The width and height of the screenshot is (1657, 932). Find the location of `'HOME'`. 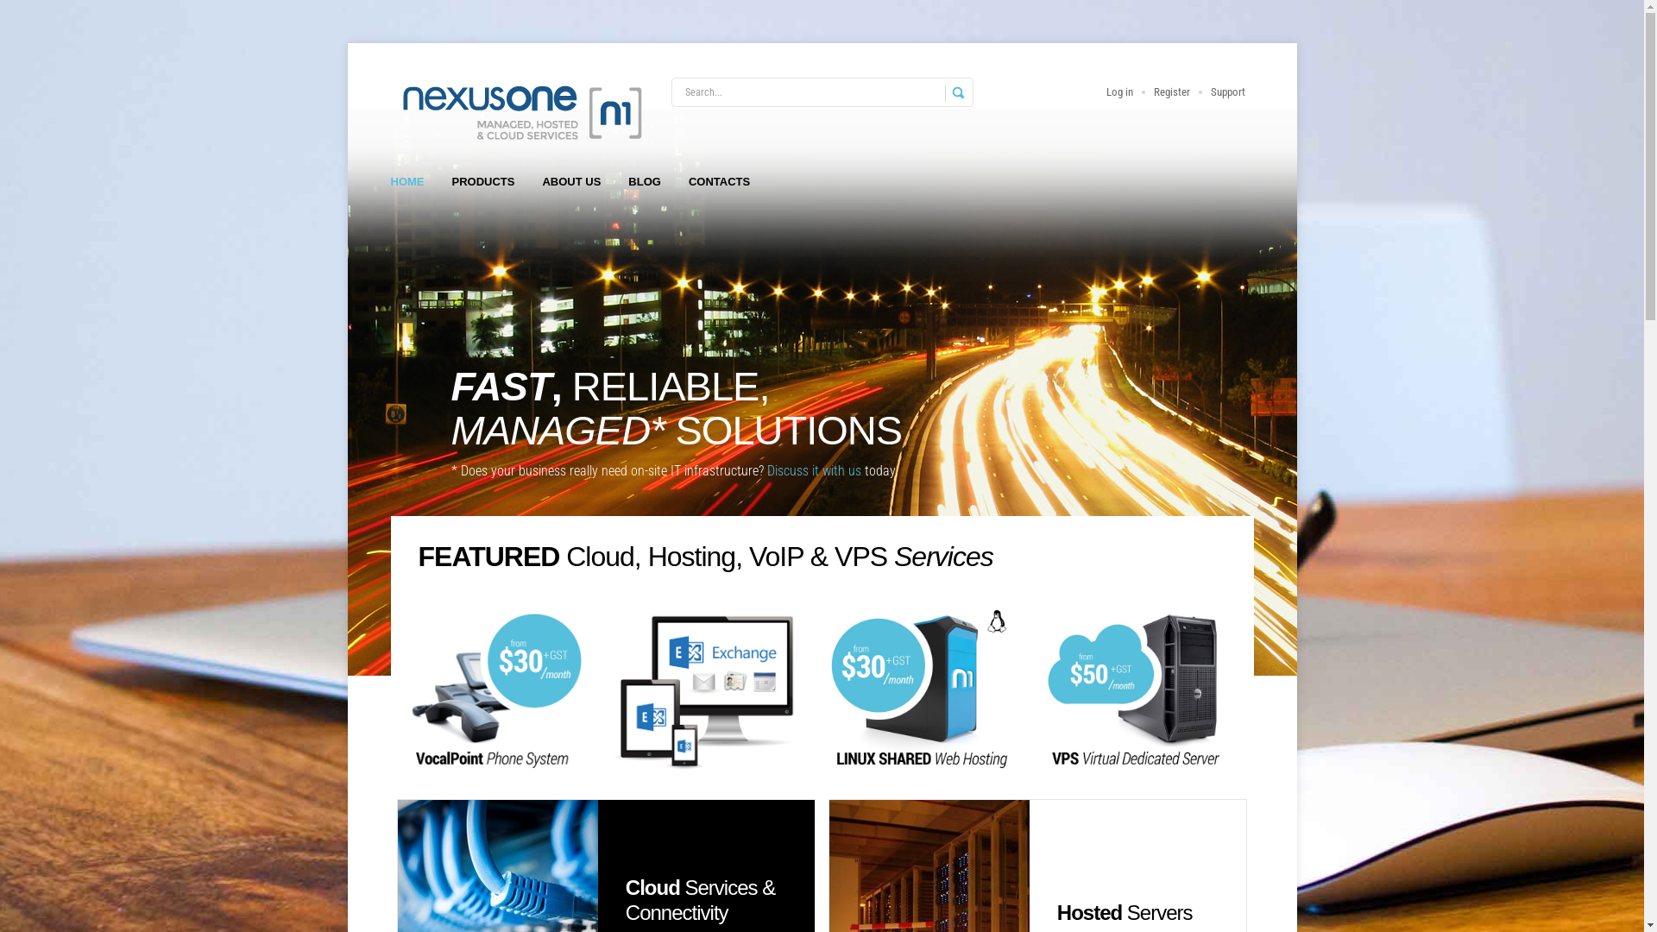

'HOME' is located at coordinates (406, 182).